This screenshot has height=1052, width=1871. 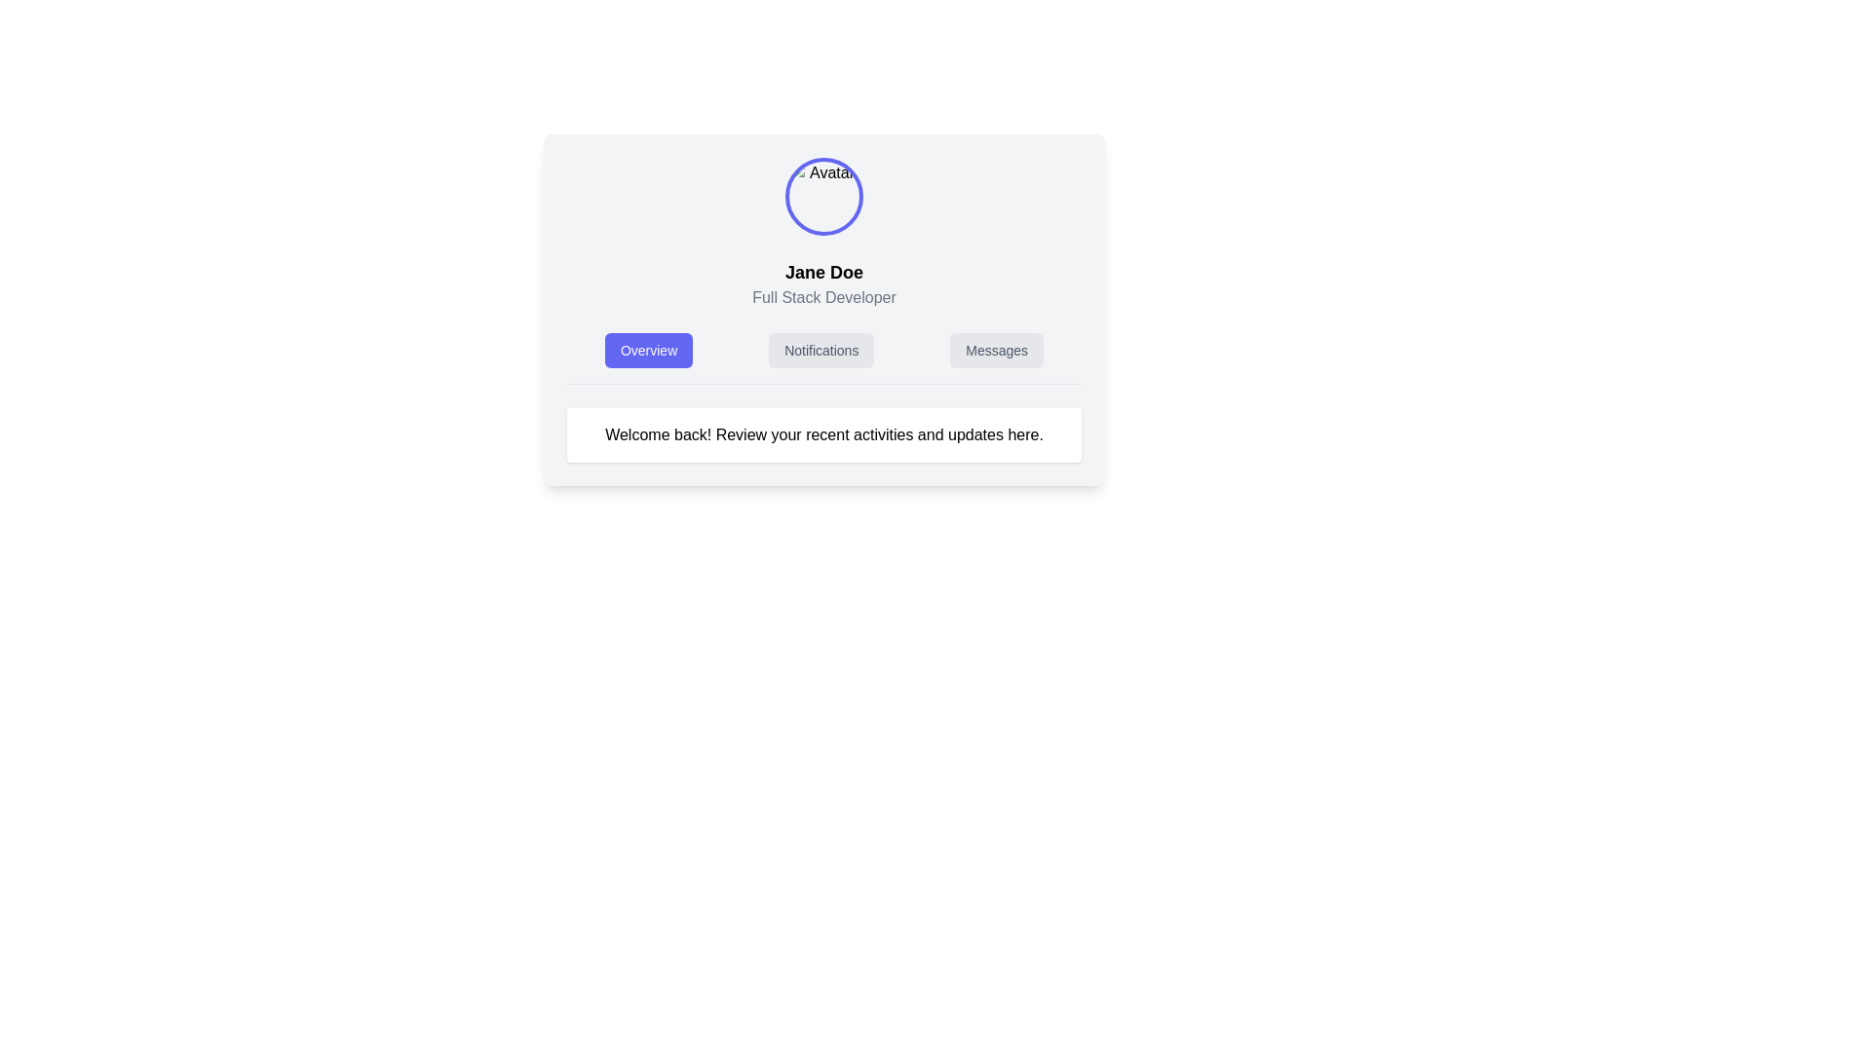 What do you see at coordinates (823, 196) in the screenshot?
I see `the details of the circular image element with a blue border labeled 'Avatar', which is centrally aligned above the 'Jane Doe' text` at bounding box center [823, 196].